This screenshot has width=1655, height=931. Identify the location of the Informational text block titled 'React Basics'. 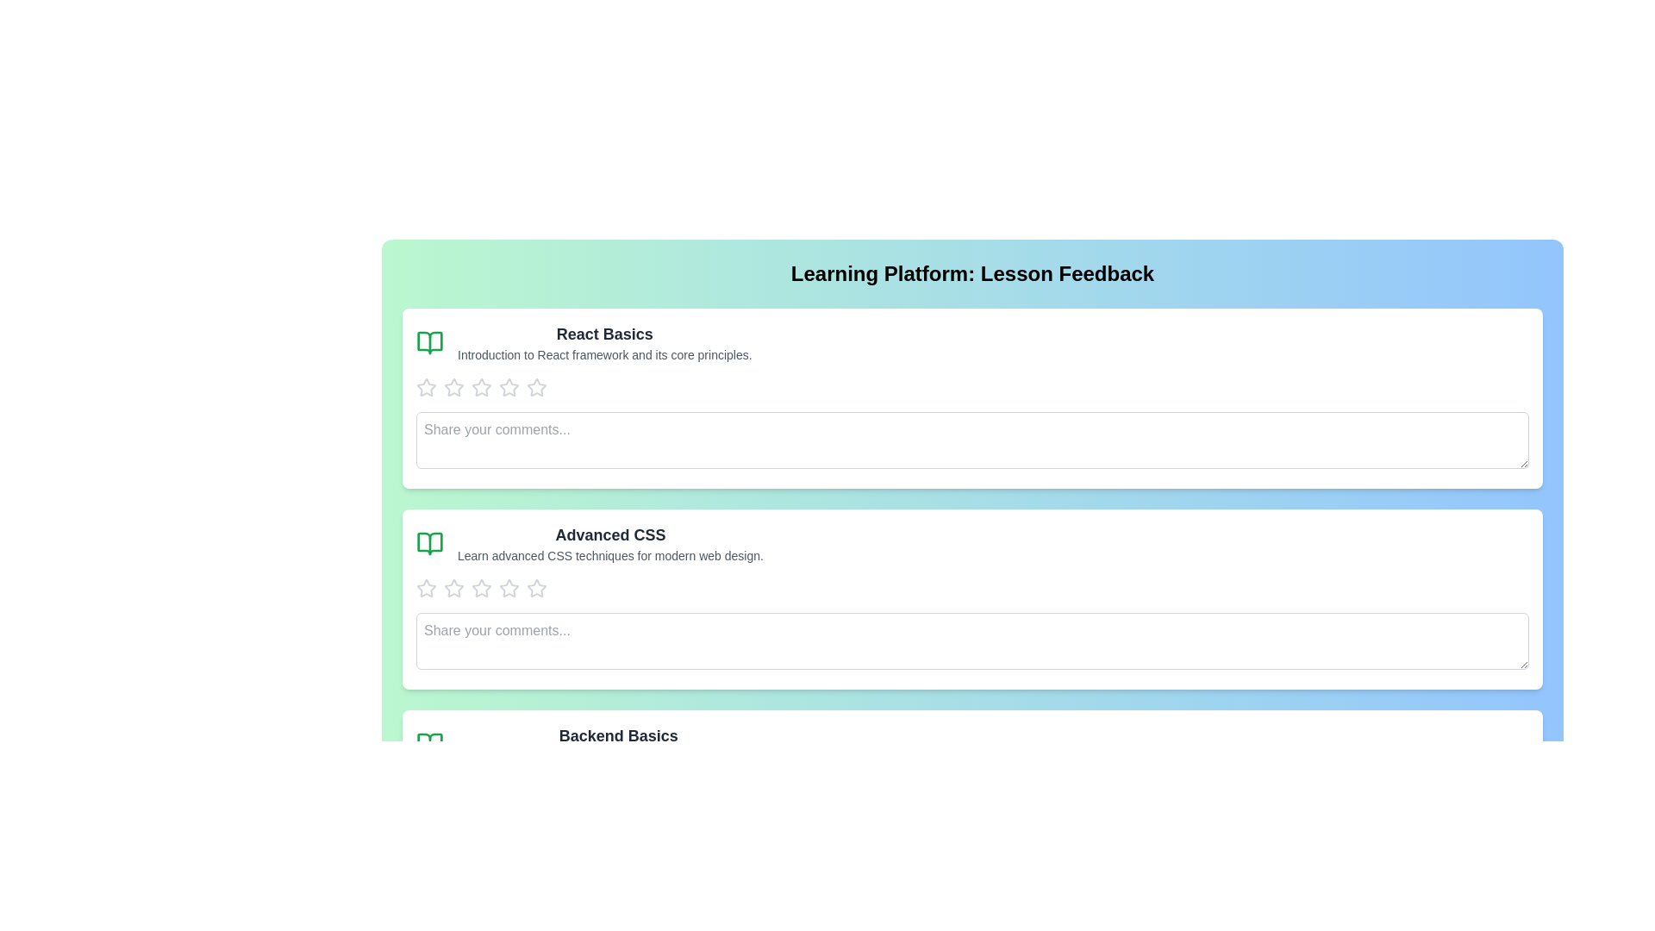
(604, 342).